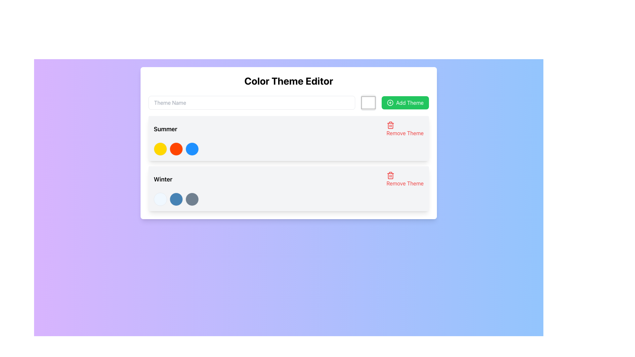 This screenshot has width=635, height=357. Describe the element at coordinates (289, 81) in the screenshot. I see `prominent heading text 'Color Theme Editor' displayed in bold at the top center of the card interface` at that location.